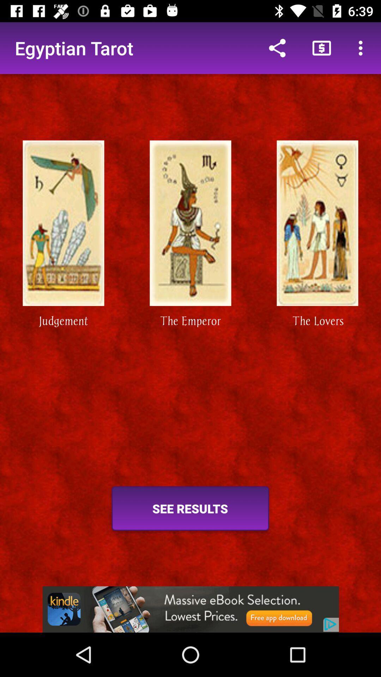  I want to click on advertisent page, so click(190, 609).